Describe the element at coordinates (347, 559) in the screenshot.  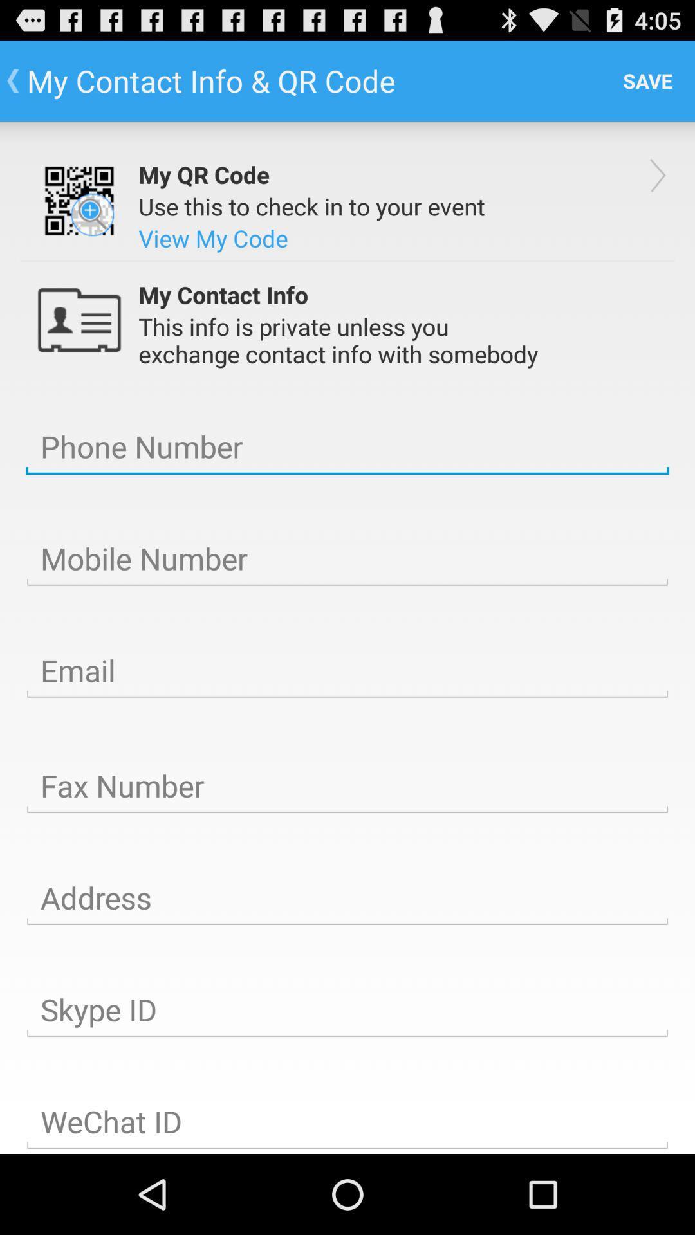
I see `mobile number line` at that location.